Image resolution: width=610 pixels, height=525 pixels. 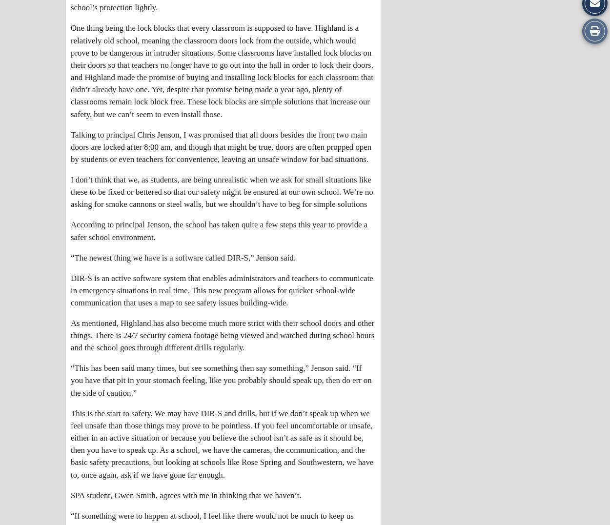 What do you see at coordinates (71, 290) in the screenshot?
I see `'DIR-S is an active software system that enables administrators and teachers to communicate in emergency situations in real time. This new program allows for quicker school-wide communication that uses a map to see safety issues building-wide.'` at bounding box center [71, 290].